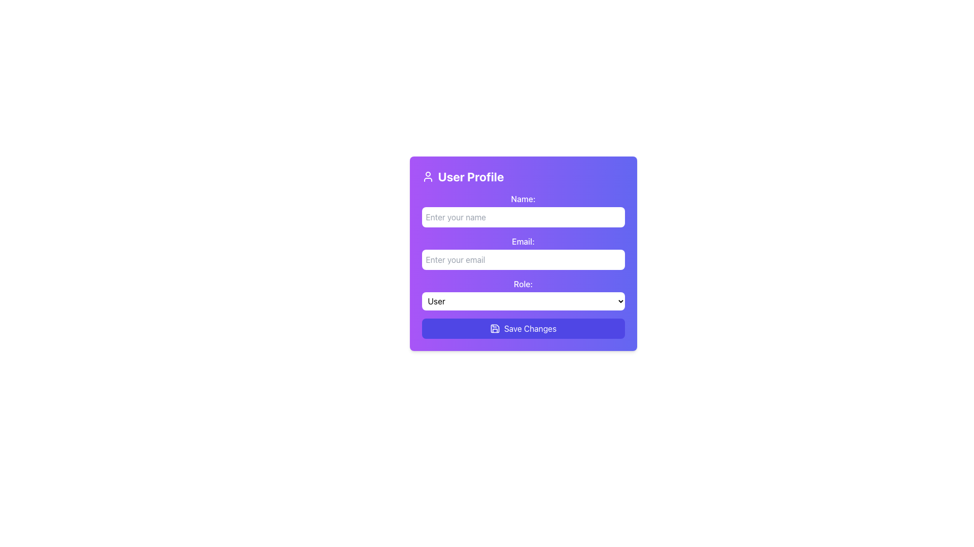 This screenshot has height=547, width=974. I want to click on the label indicating the type of information for the adjacent email input field, which is located above the email address input in the second section of the form, so click(523, 252).